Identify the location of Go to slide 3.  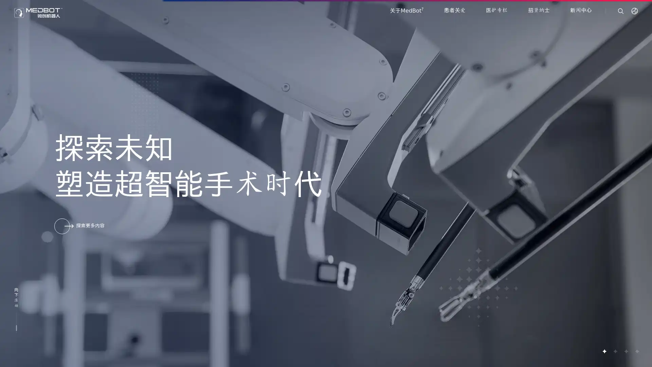
(626, 351).